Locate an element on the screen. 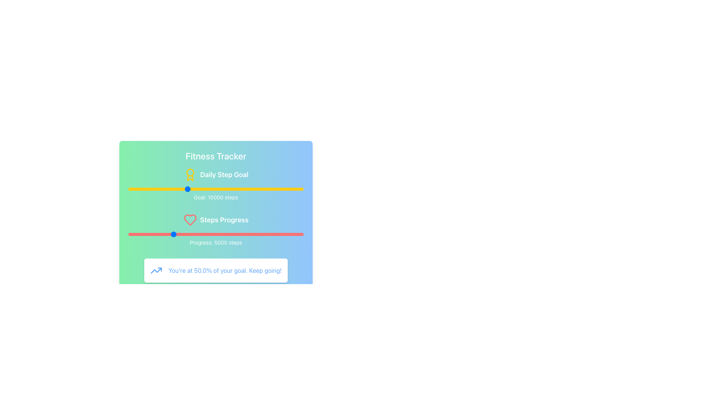  the daily step goal is located at coordinates (191, 188).